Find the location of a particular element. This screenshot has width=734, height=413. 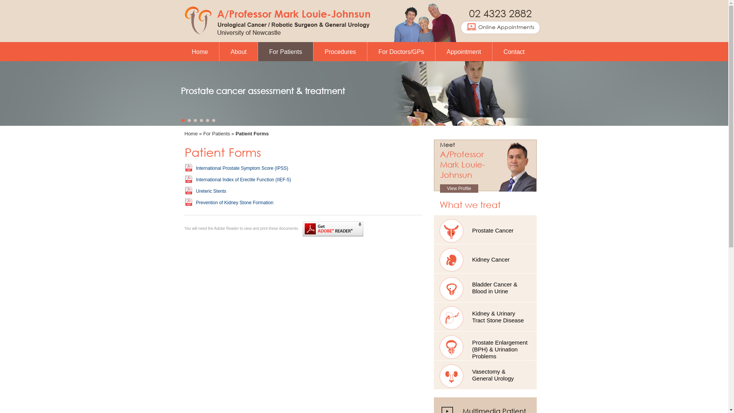

'What we treat' is located at coordinates (440, 204).